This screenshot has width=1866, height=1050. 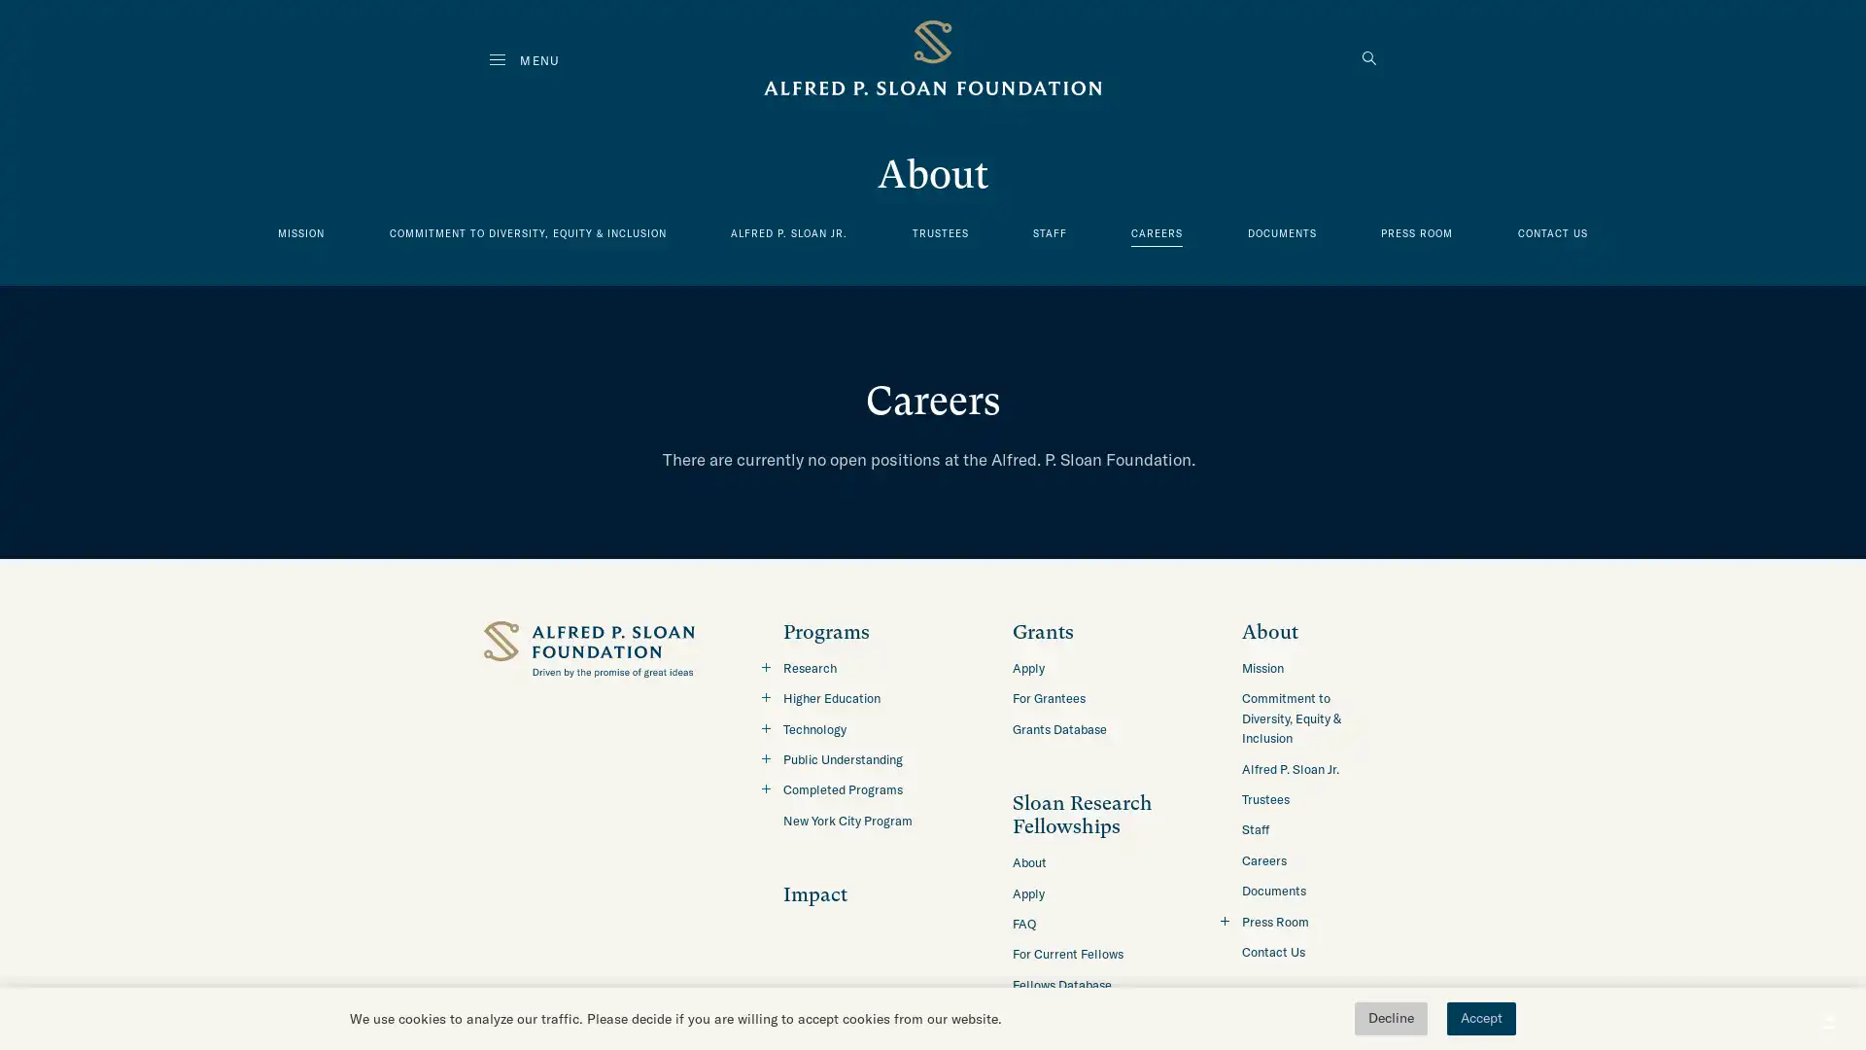 What do you see at coordinates (1480, 1018) in the screenshot?
I see `Accept` at bounding box center [1480, 1018].